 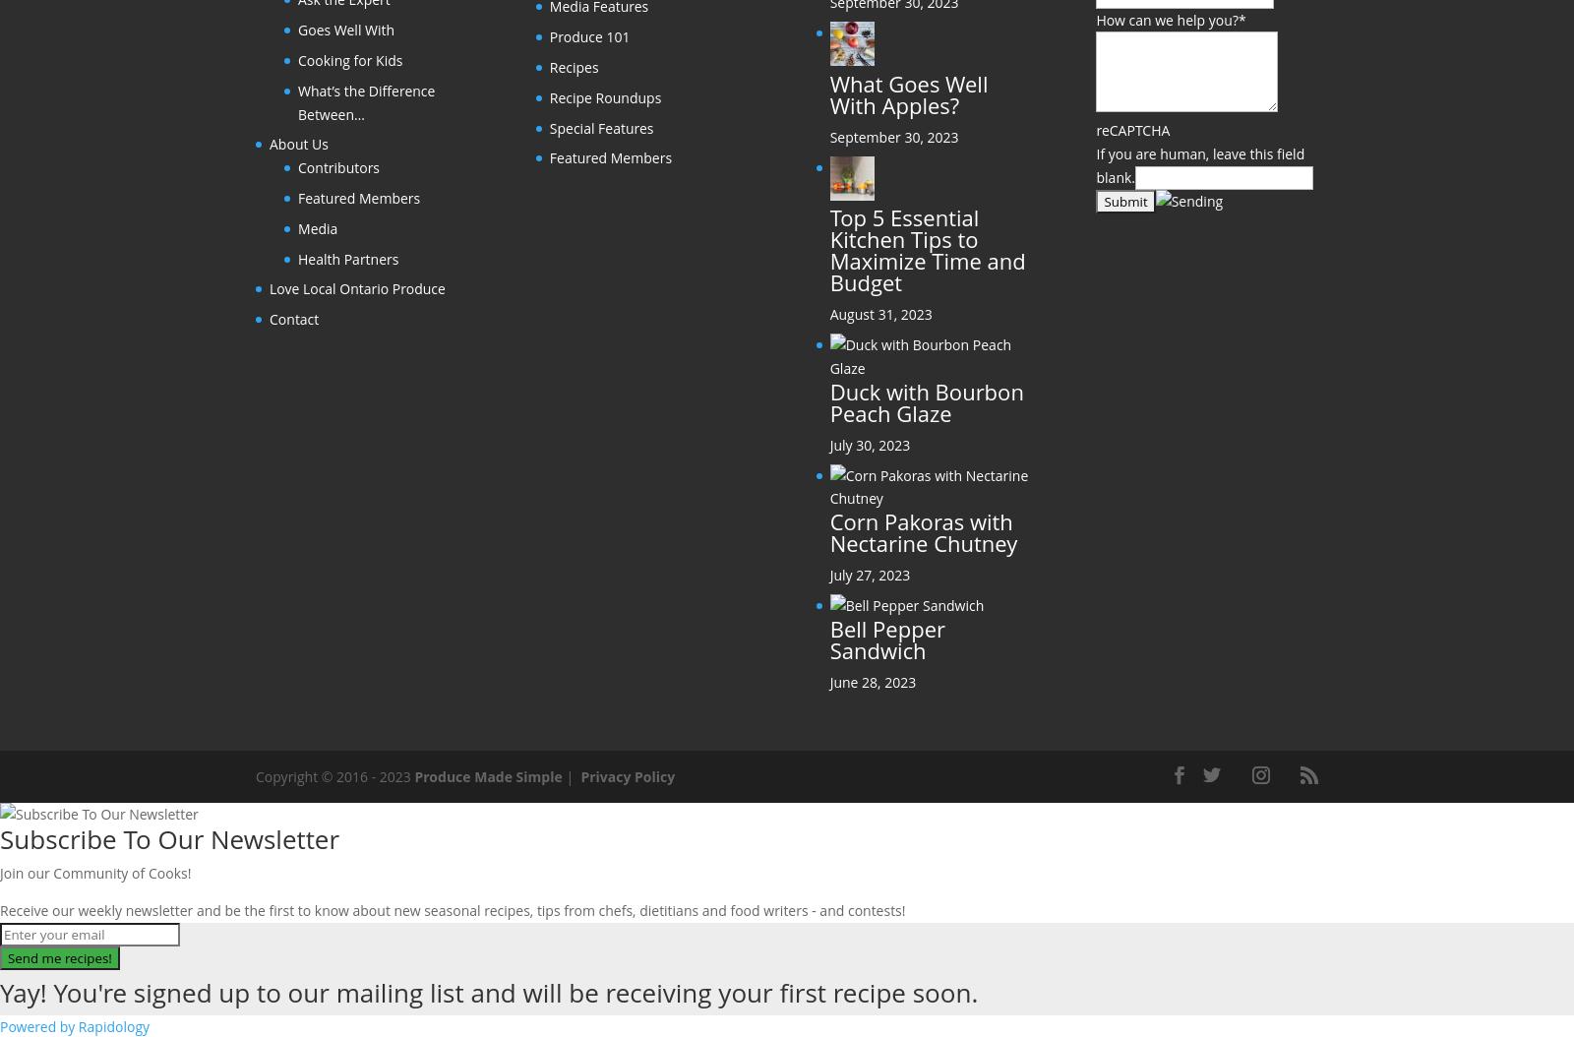 I want to click on 'Duck with Bourbon Peach Glaze', so click(x=925, y=400).